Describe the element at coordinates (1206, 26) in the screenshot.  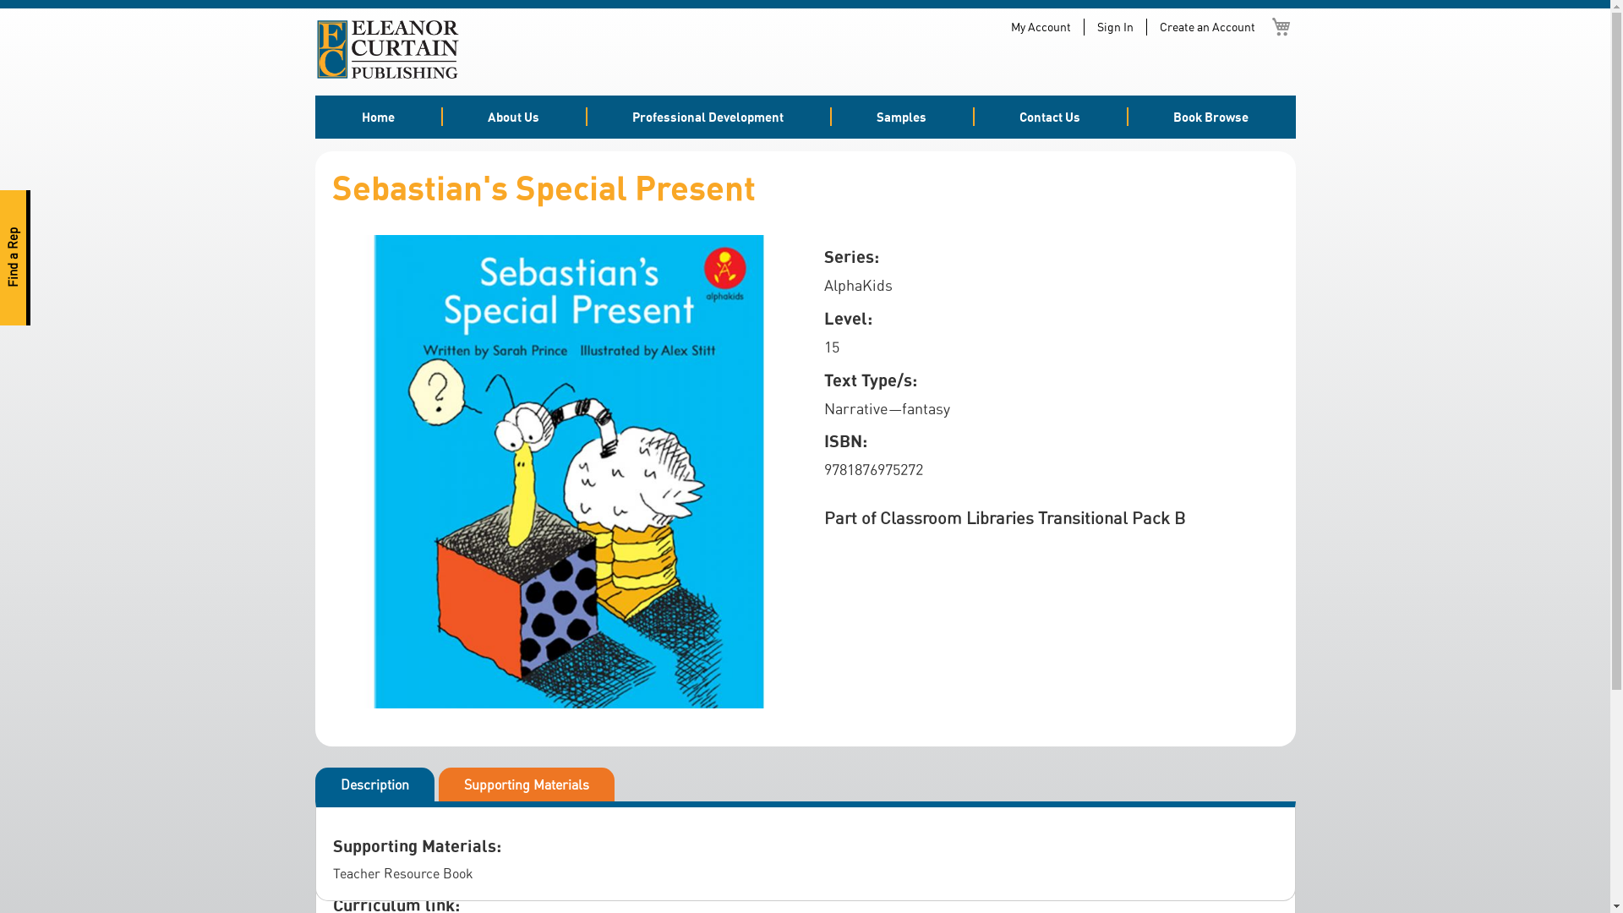
I see `'Create an Account'` at that location.